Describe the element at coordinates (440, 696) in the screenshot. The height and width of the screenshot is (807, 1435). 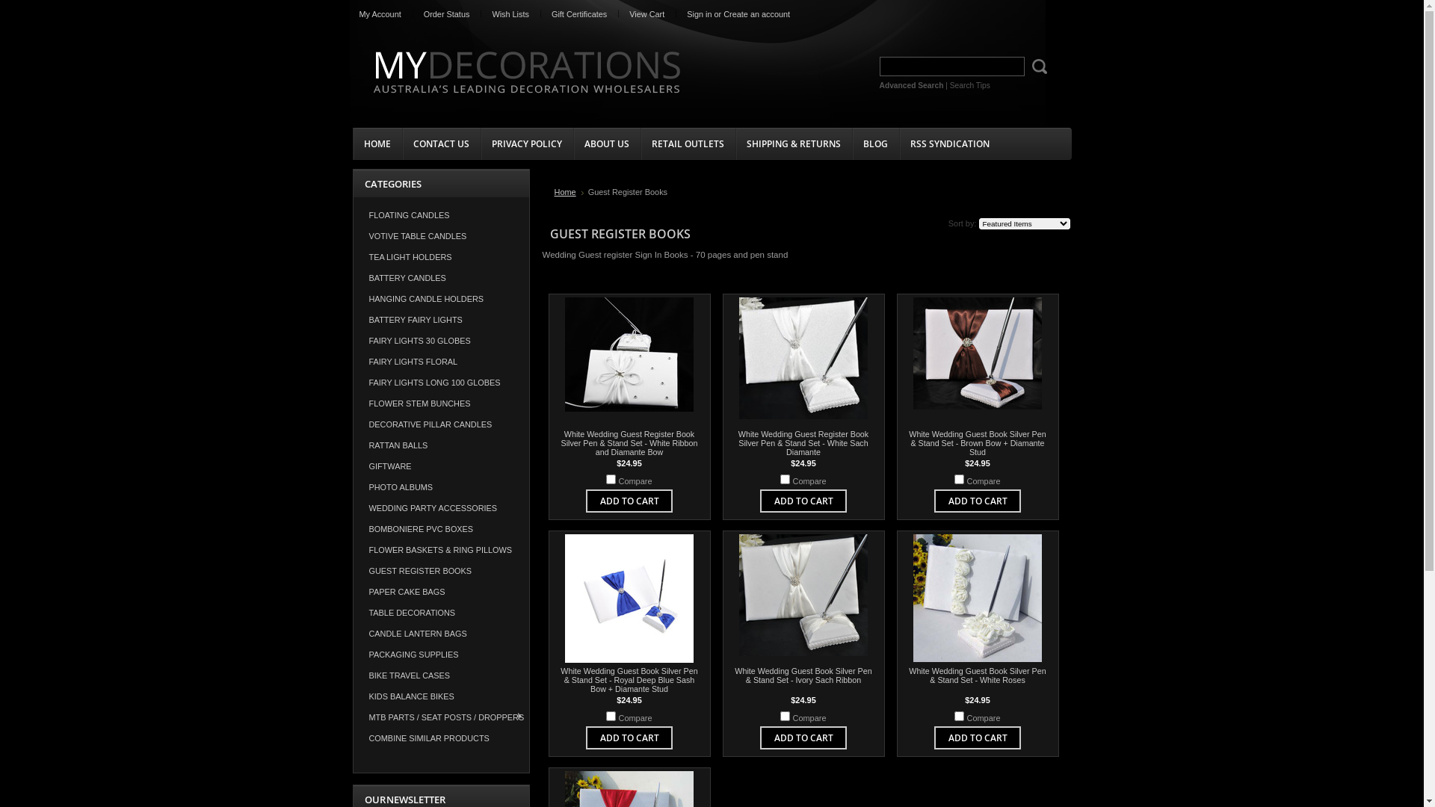
I see `'KIDS BALANCE BIKES'` at that location.